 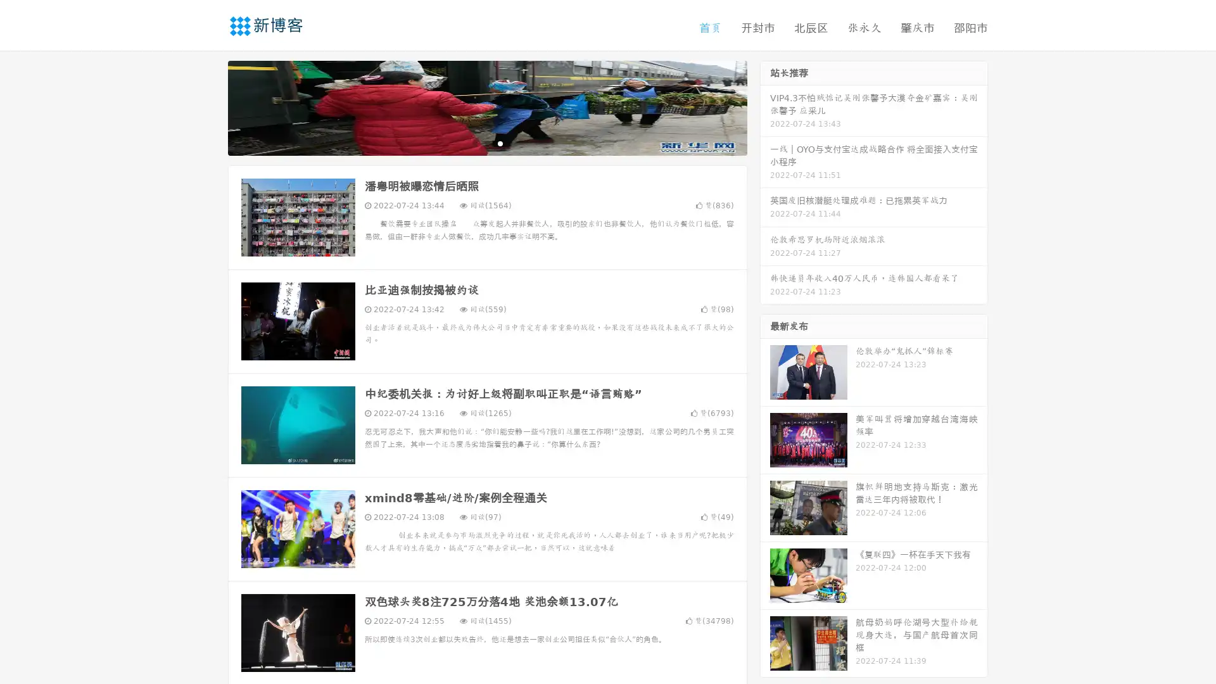 I want to click on Previous slide, so click(x=209, y=106).